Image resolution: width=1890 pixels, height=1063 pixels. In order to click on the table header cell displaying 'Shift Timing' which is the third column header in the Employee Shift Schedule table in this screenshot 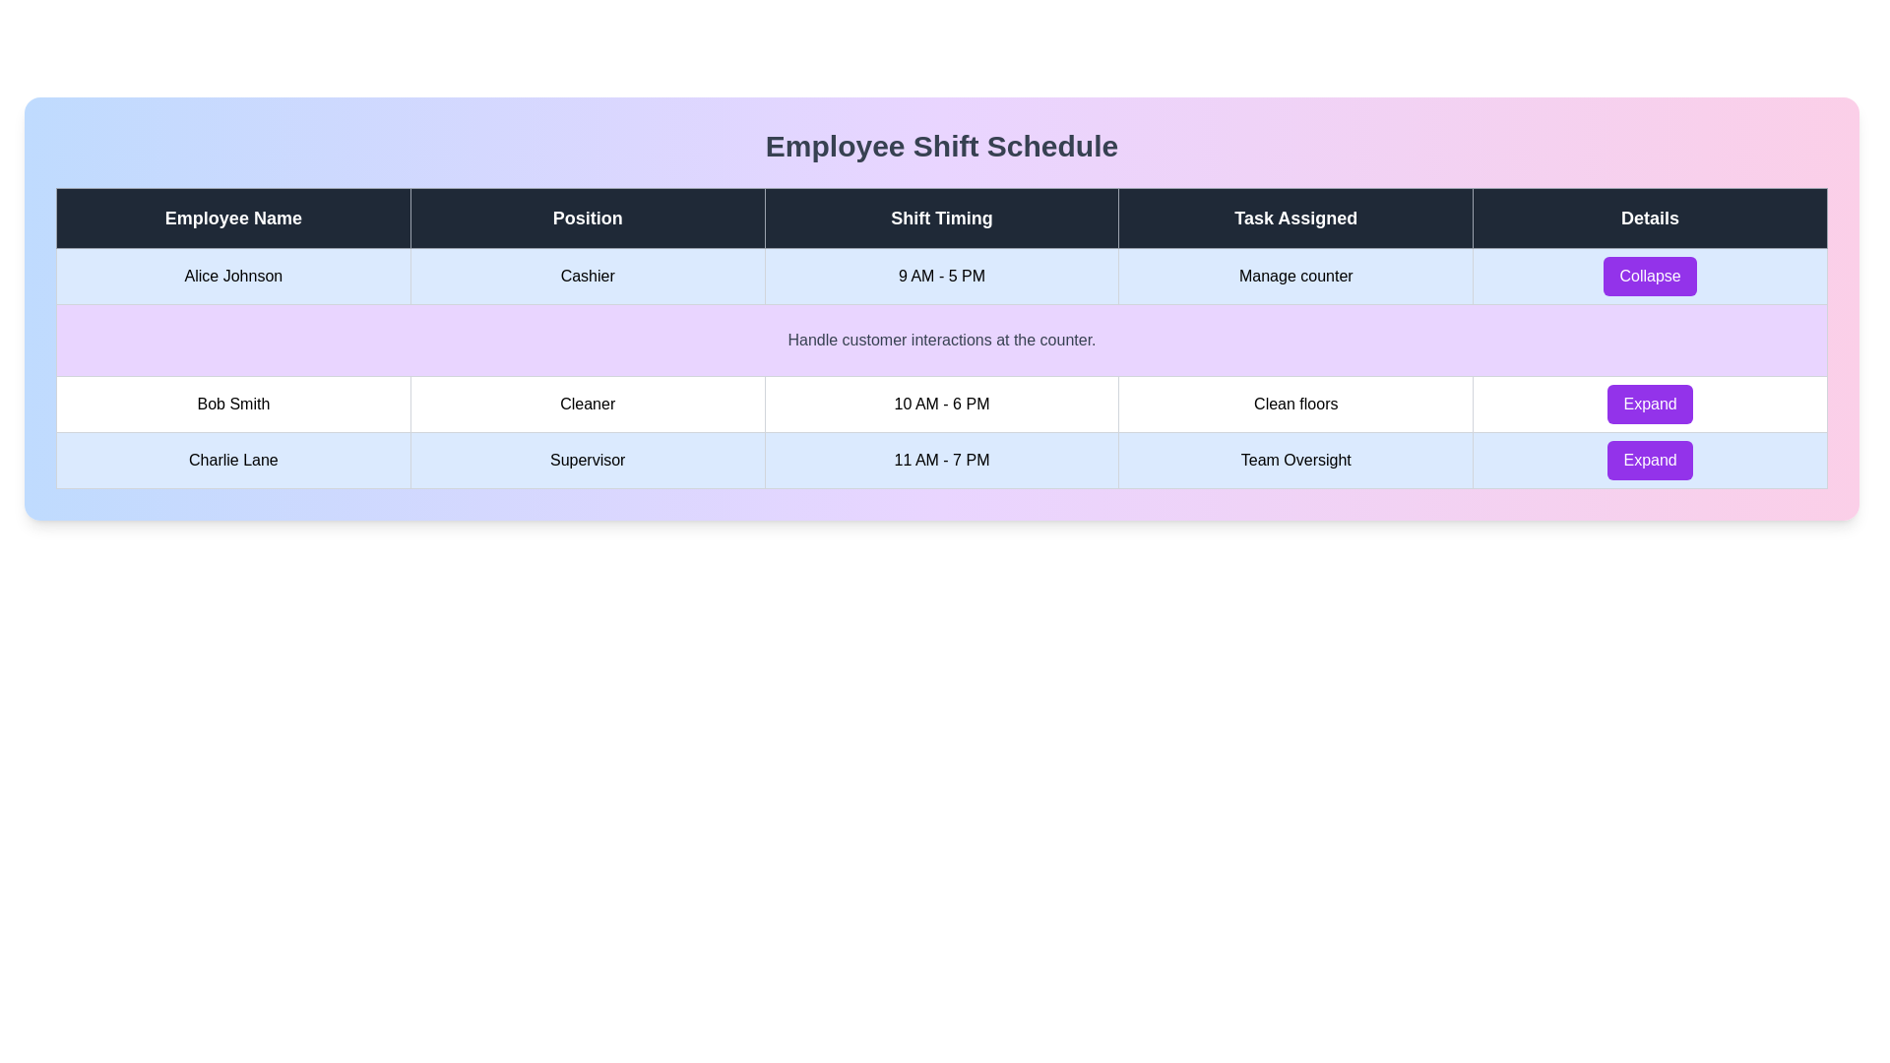, I will do `click(940, 219)`.